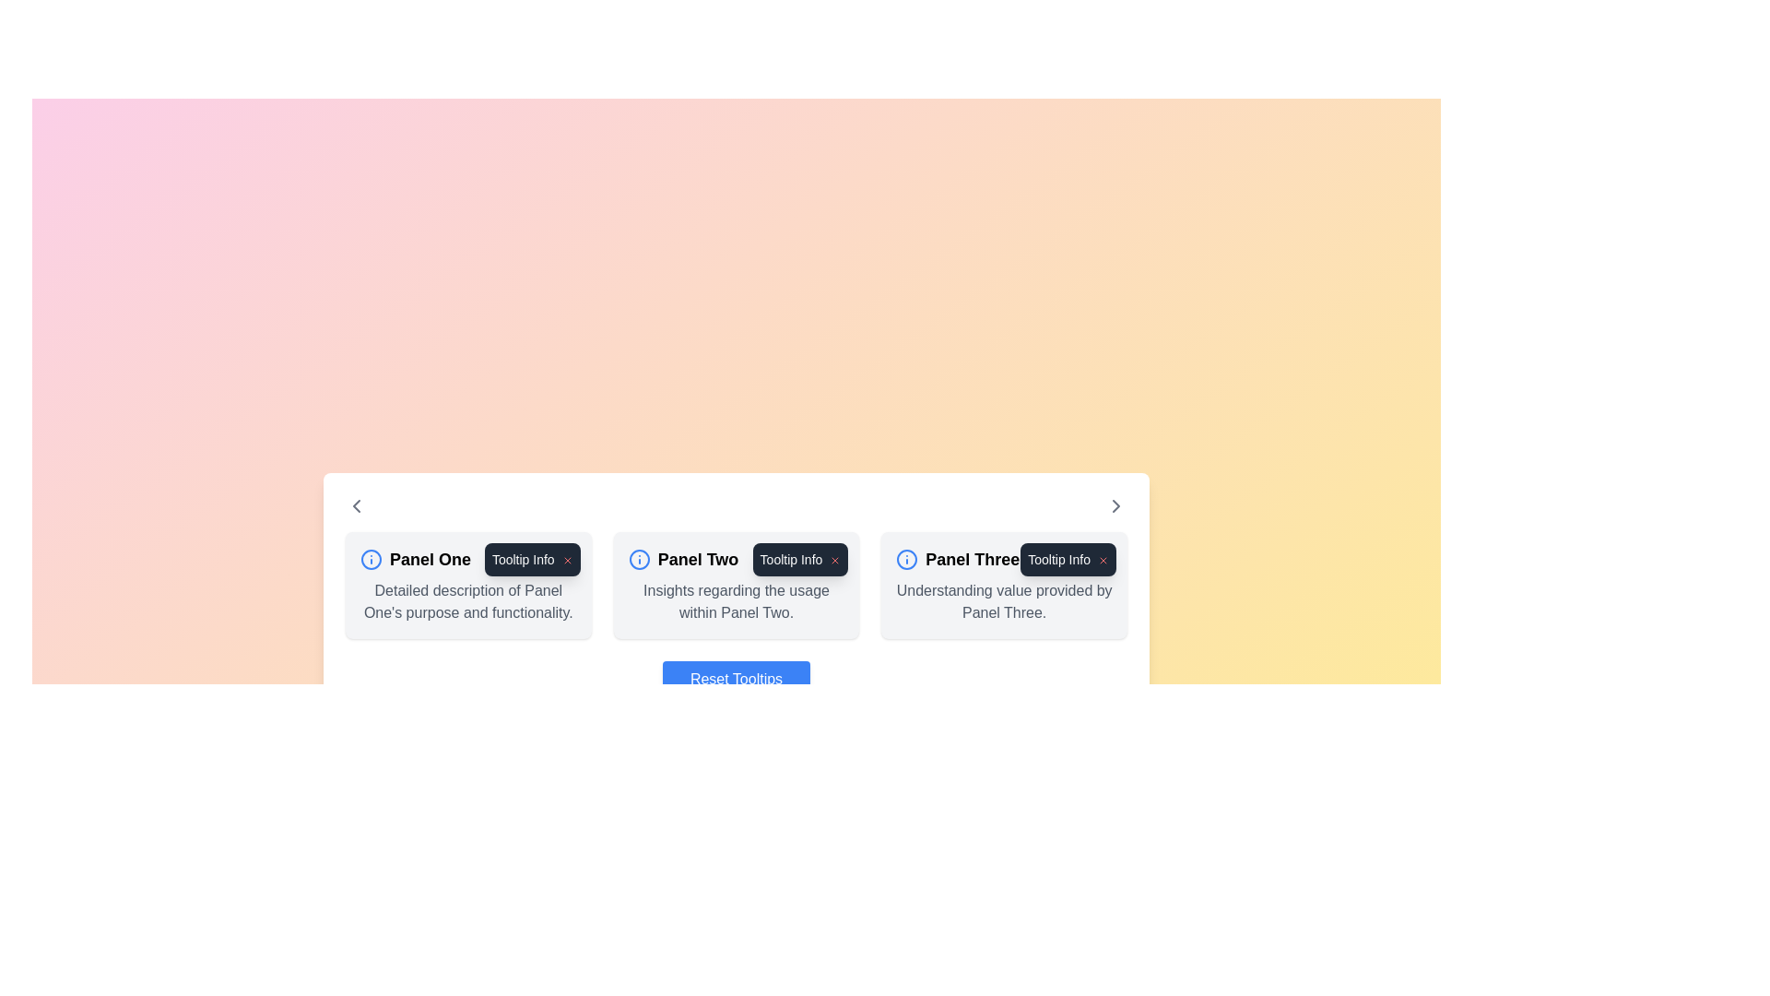  What do you see at coordinates (639, 558) in the screenshot?
I see `the circular 'info' icon with a blue outline located in the upper section of 'Panel One'` at bounding box center [639, 558].